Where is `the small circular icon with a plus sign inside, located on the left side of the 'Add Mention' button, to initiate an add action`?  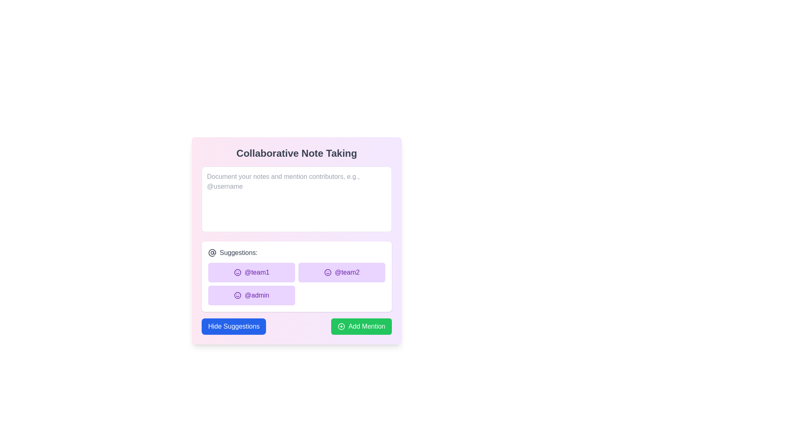
the small circular icon with a plus sign inside, located on the left side of the 'Add Mention' button, to initiate an add action is located at coordinates (341, 326).